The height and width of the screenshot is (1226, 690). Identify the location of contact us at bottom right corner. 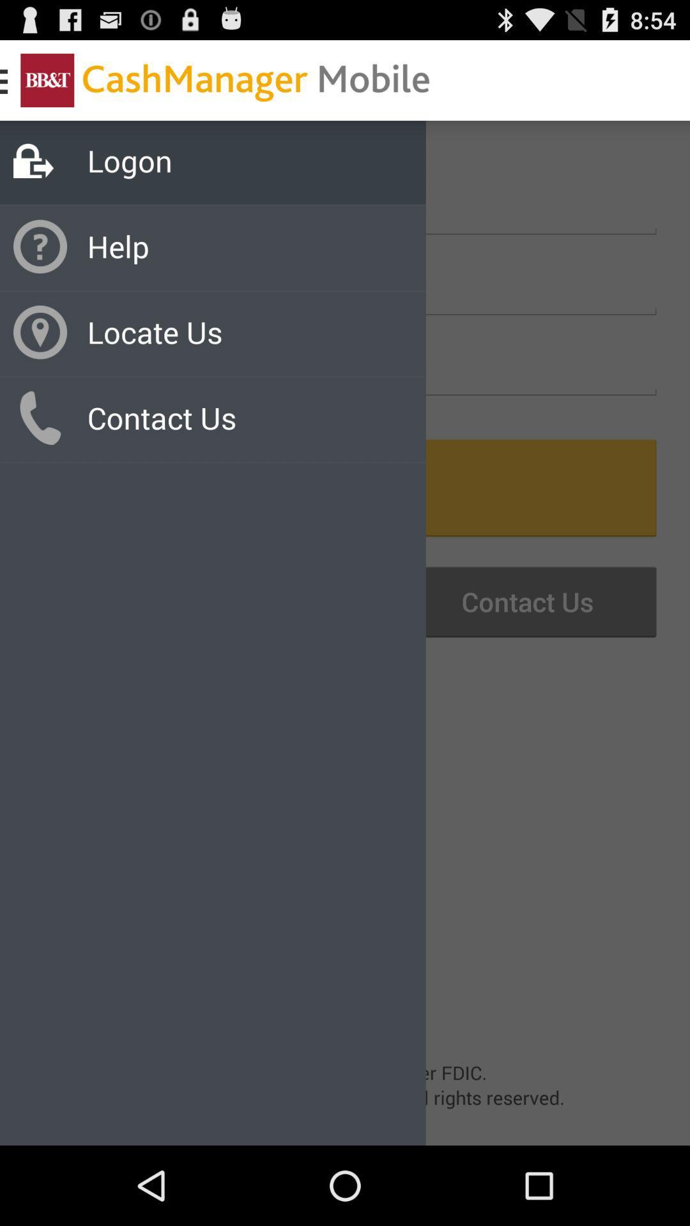
(510, 601).